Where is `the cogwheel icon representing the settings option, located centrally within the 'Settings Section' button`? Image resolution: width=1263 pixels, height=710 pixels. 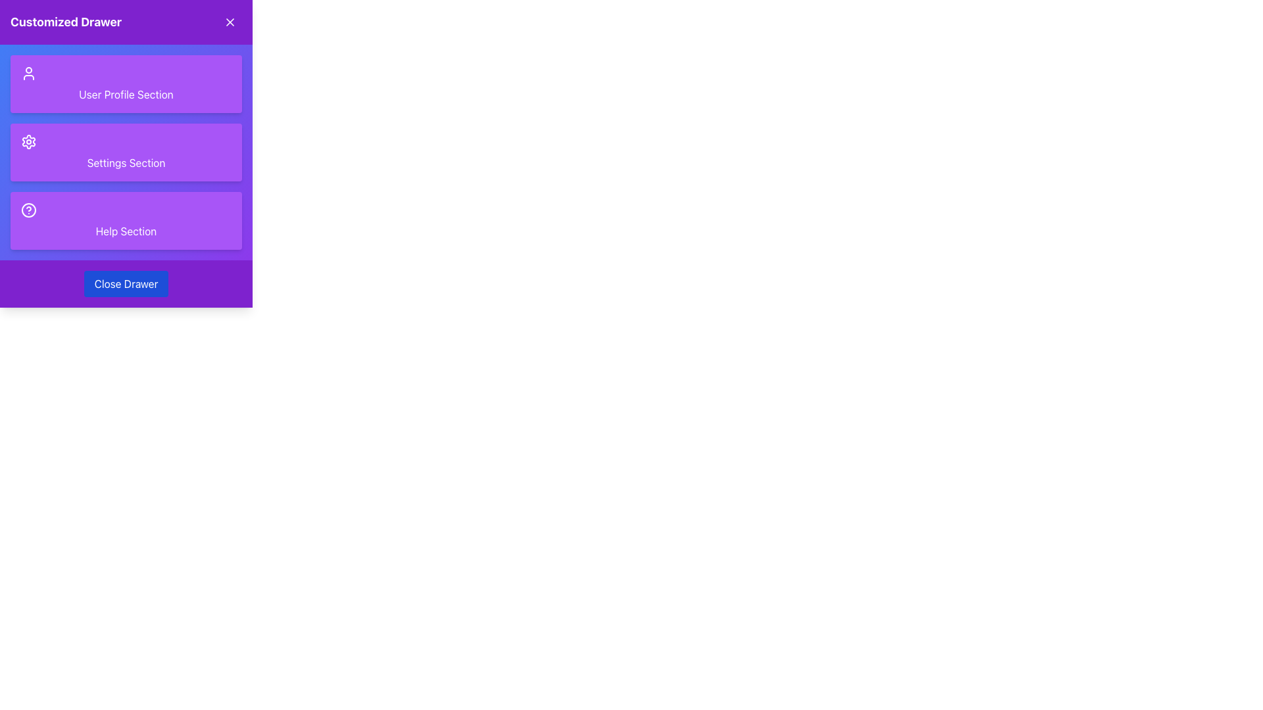
the cogwheel icon representing the settings option, located centrally within the 'Settings Section' button is located at coordinates (28, 142).